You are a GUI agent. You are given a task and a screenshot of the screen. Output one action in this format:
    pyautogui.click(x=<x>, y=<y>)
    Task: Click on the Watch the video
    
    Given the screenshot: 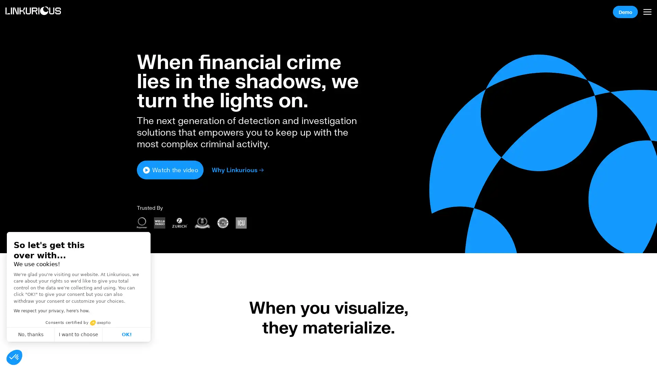 What is the action you would take?
    pyautogui.click(x=170, y=169)
    